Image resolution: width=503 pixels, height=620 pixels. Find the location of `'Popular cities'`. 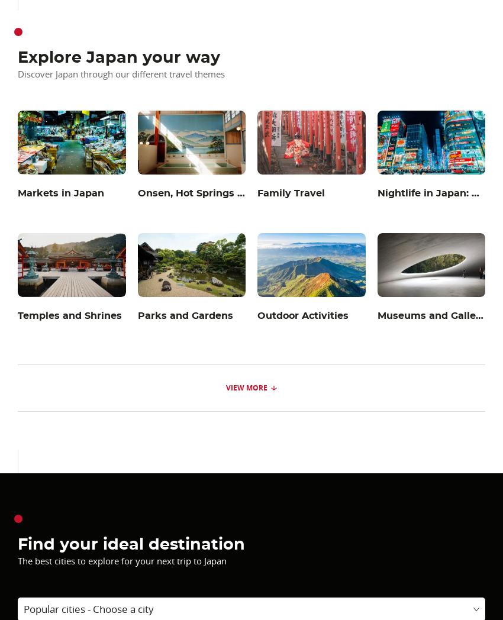

'Popular cities' is located at coordinates (23, 608).